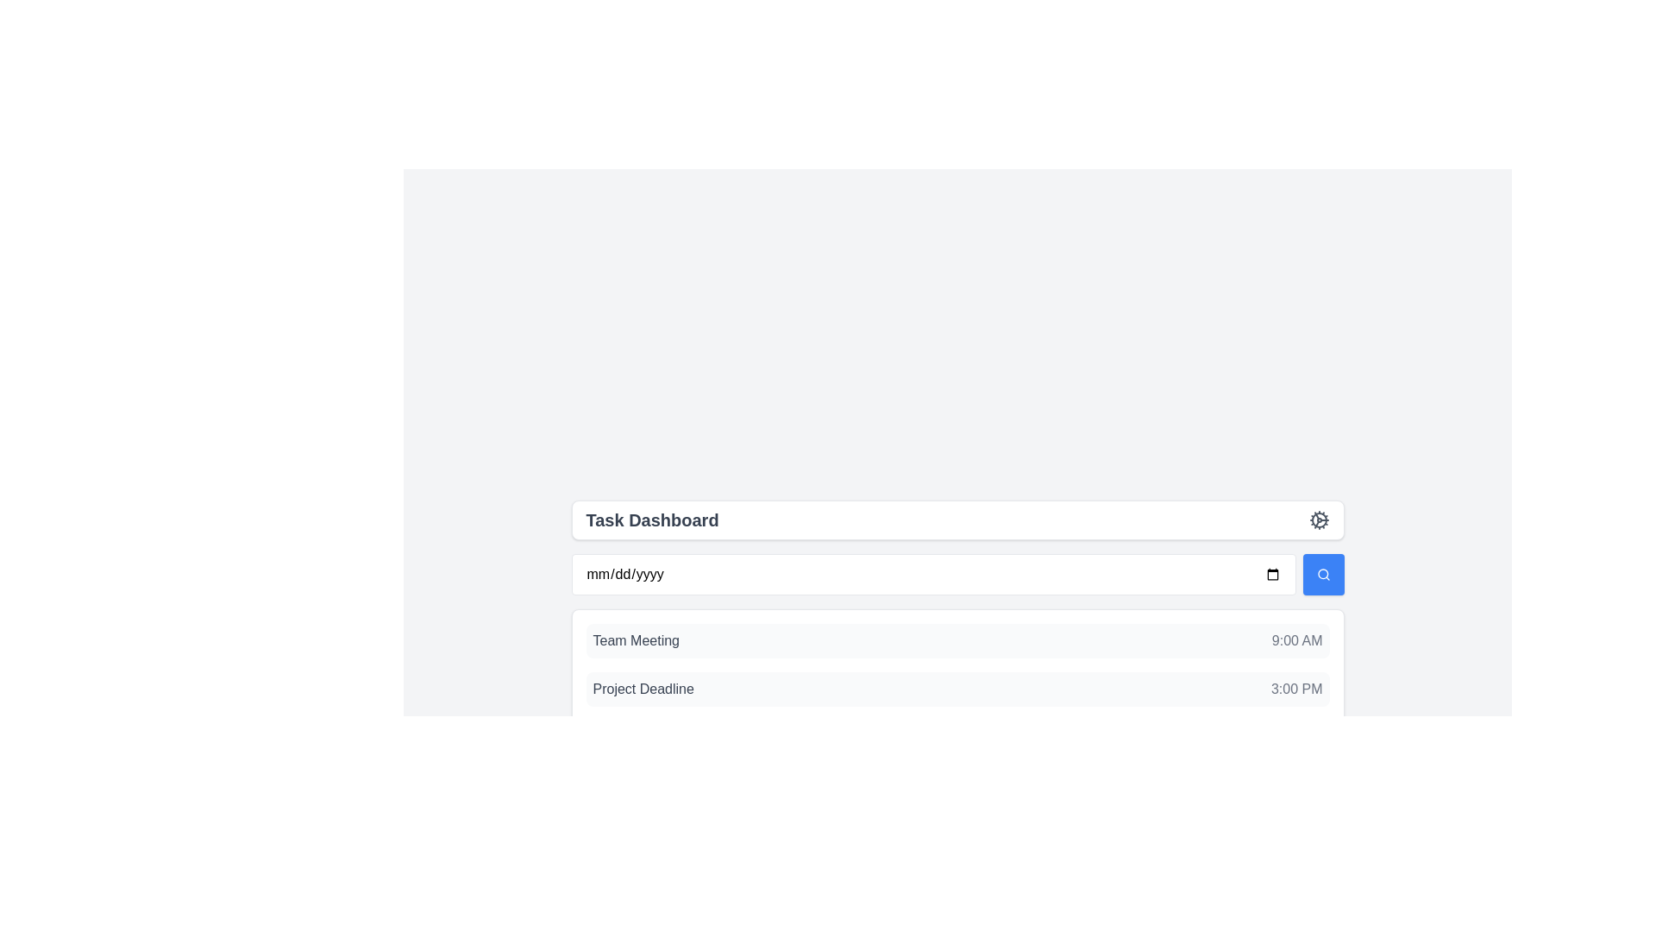  Describe the element at coordinates (932, 575) in the screenshot. I see `the rectangular date input field with a placeholder 'mm/dd/yyyy' to focus on it` at that location.